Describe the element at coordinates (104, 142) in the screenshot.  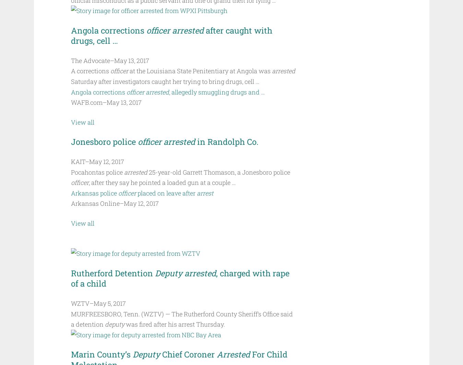
I see `'Jonesboro police'` at that location.